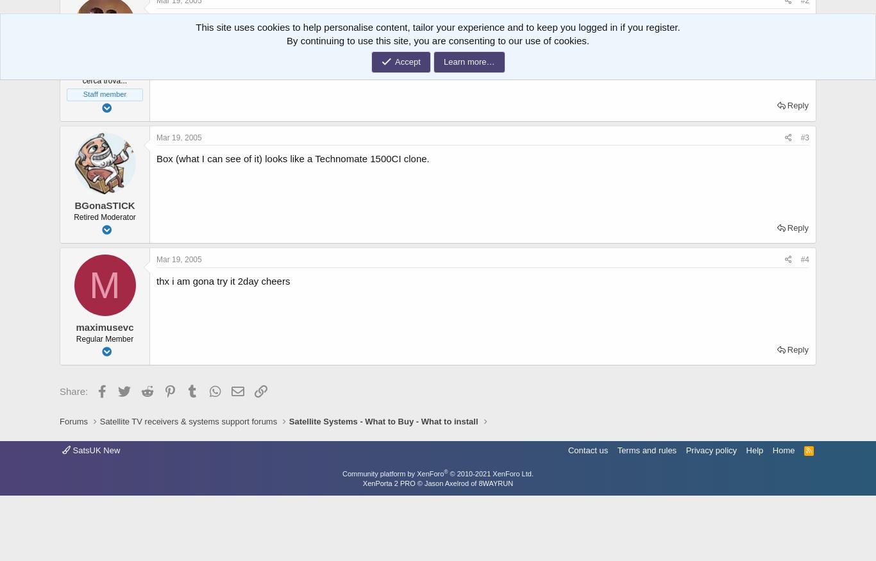  What do you see at coordinates (382, 421) in the screenshot?
I see `'Satellite Systems - What to Buy - What to install'` at bounding box center [382, 421].